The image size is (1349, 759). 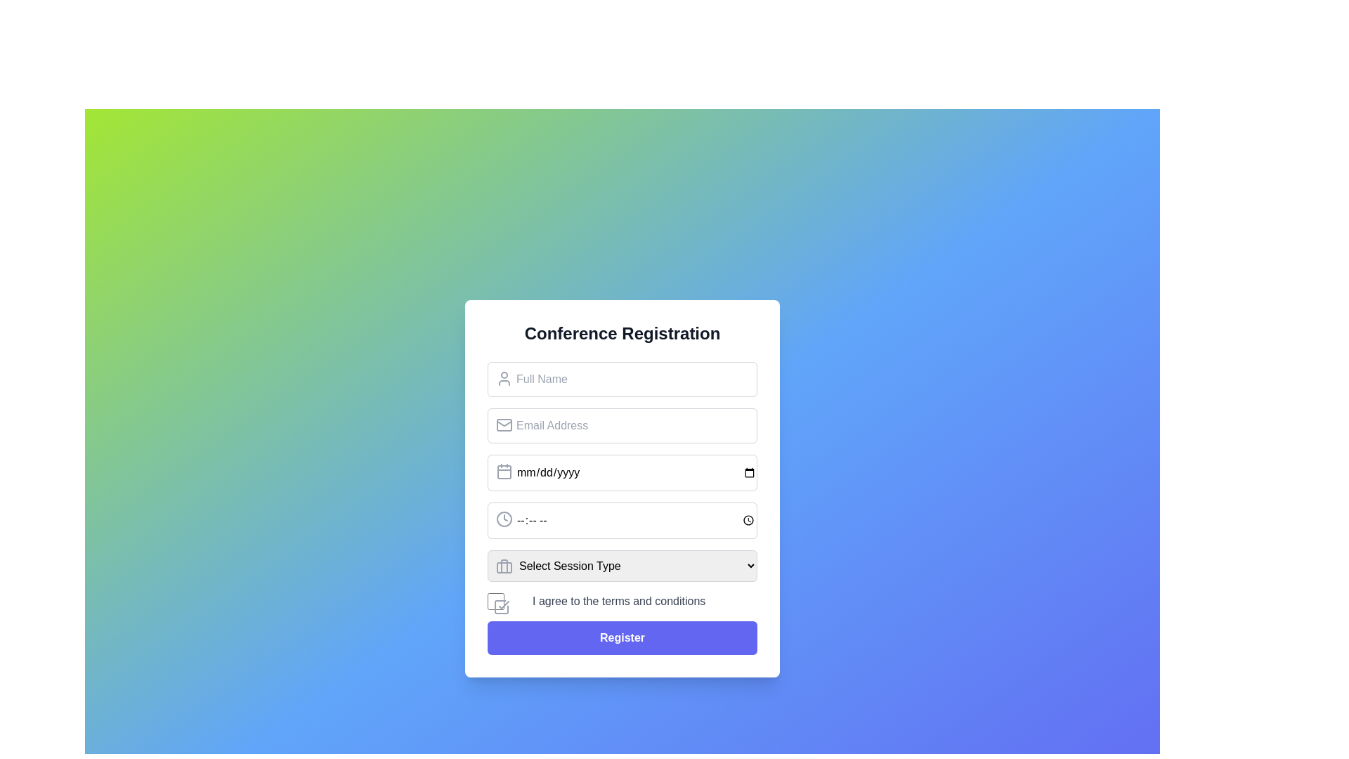 What do you see at coordinates (622, 601) in the screenshot?
I see `the checkbox labeled for accepting the terms and conditions` at bounding box center [622, 601].